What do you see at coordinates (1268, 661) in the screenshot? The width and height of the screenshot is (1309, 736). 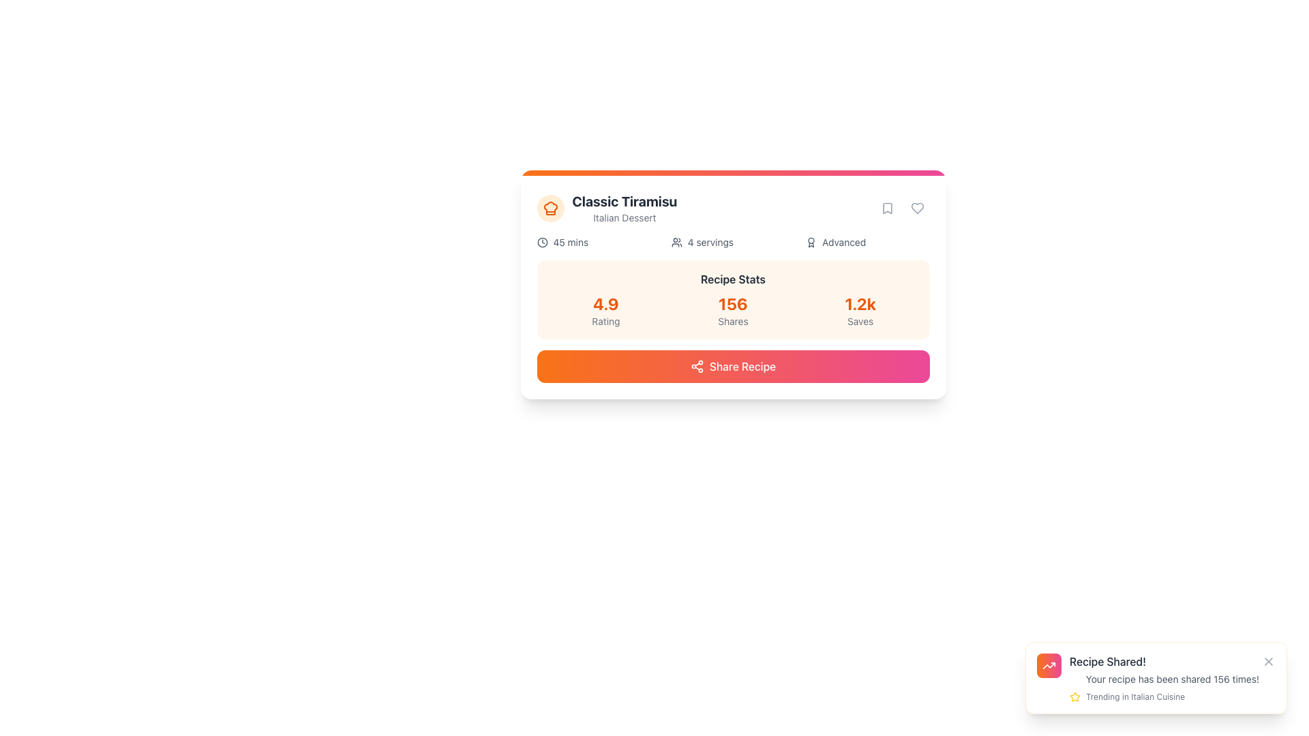 I see `the Close button (icon-based) which appears as an 'X' icon located in the top-right corner of the 'Recipe Shared!' notification card` at bounding box center [1268, 661].